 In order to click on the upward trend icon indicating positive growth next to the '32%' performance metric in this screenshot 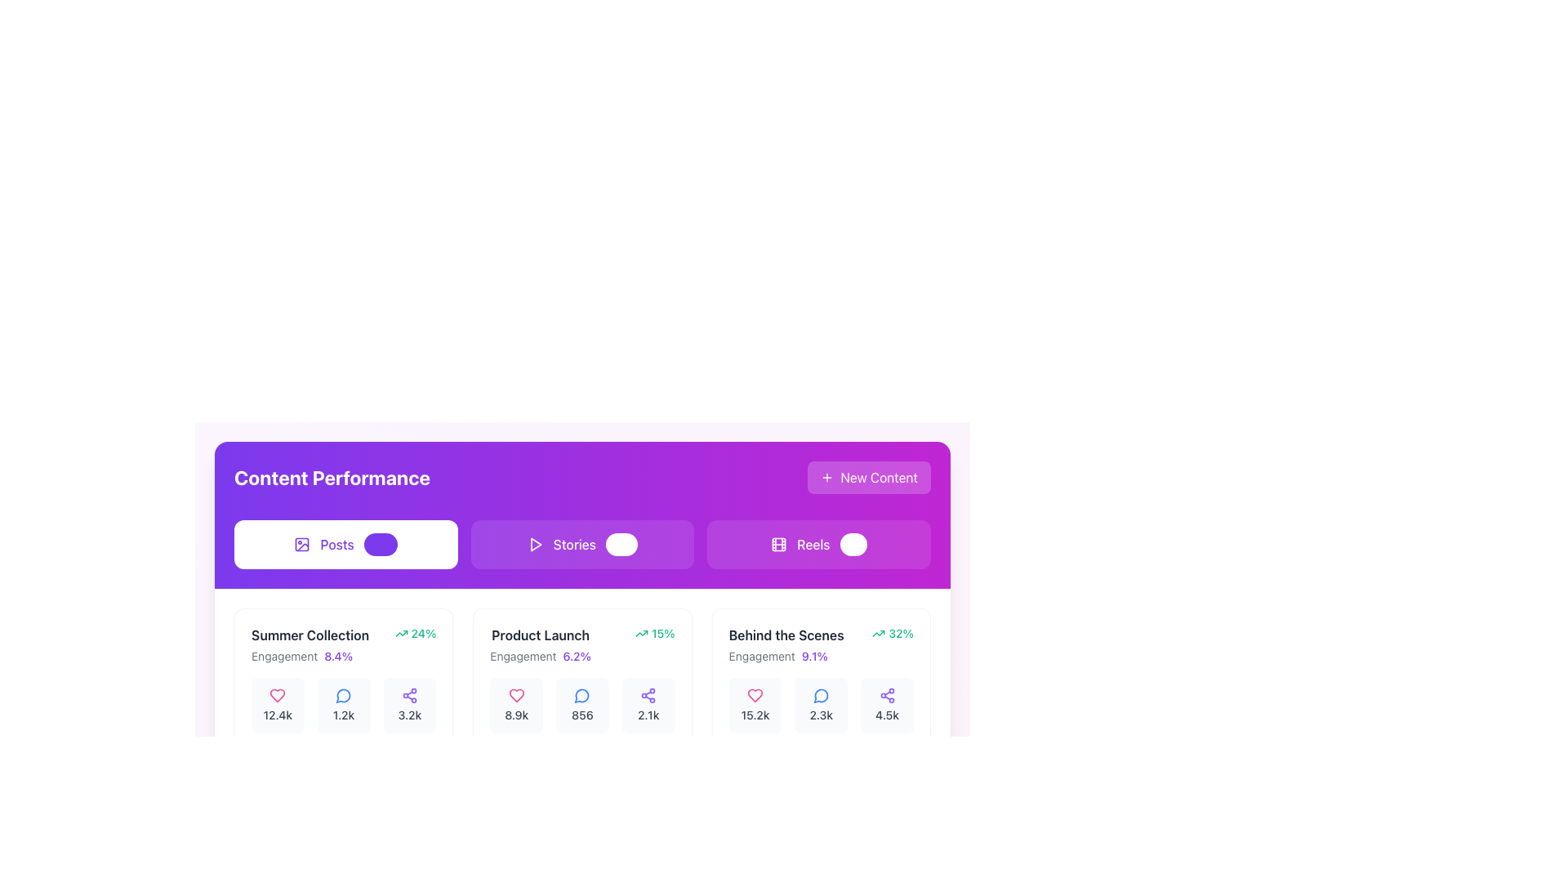, I will do `click(878, 632)`.